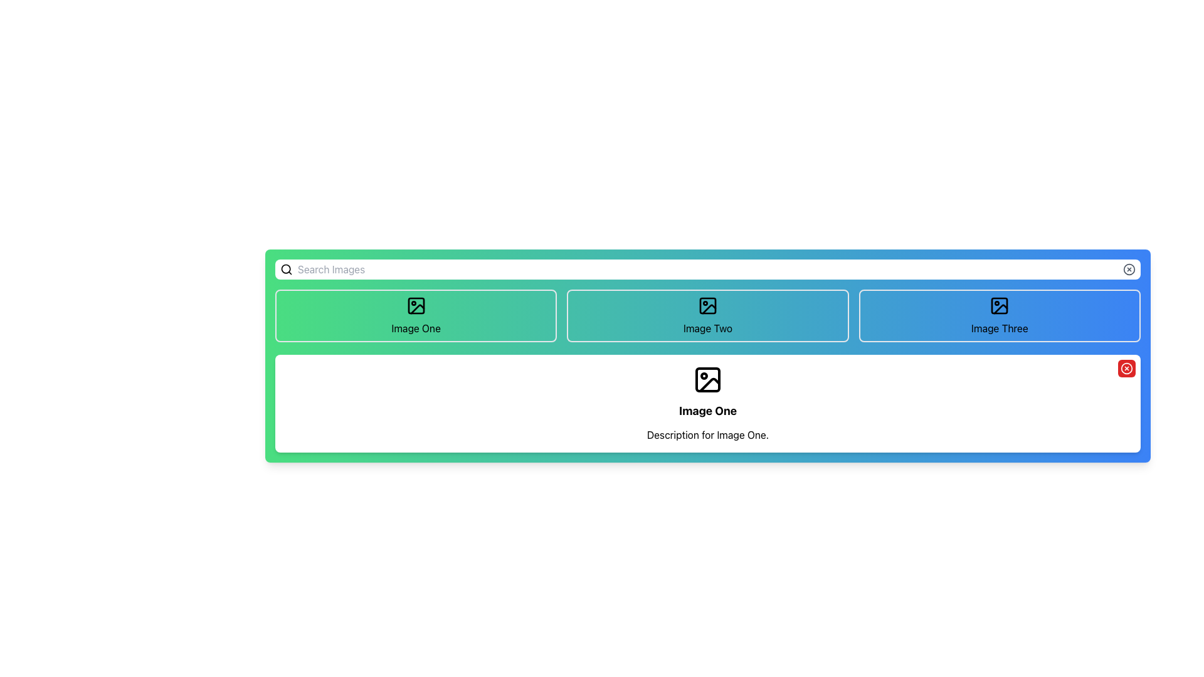 Image resolution: width=1204 pixels, height=677 pixels. What do you see at coordinates (416, 306) in the screenshot?
I see `the first icon placeholder for images located at the center of the first section labeled 'Image One', which is the leftmost icon in a trio of cards contained within a green card` at bounding box center [416, 306].